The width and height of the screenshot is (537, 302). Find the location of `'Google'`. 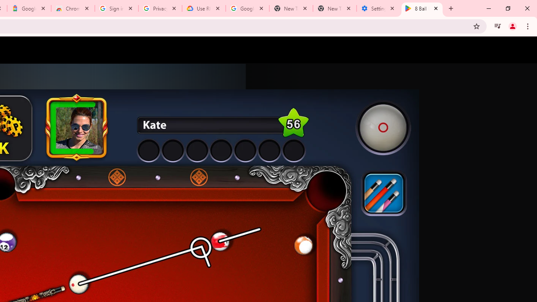

'Google' is located at coordinates (29, 8).